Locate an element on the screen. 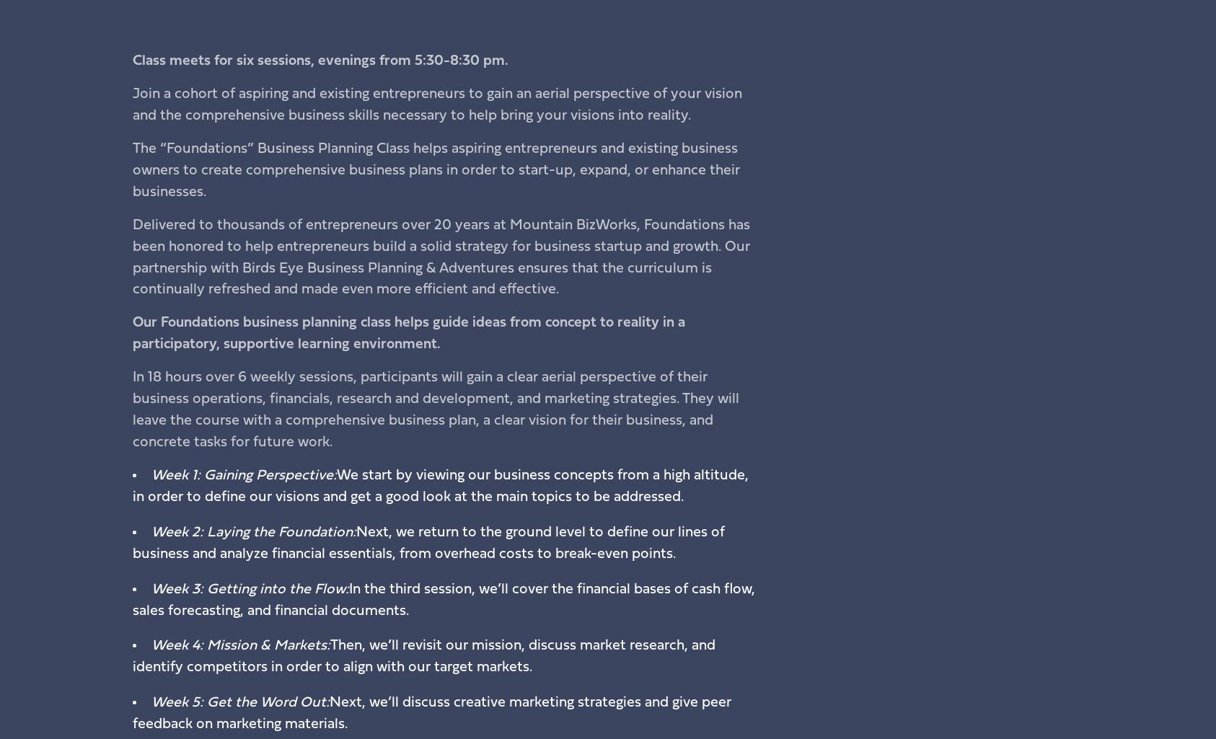 Image resolution: width=1216 pixels, height=739 pixels. 'Then, we’ll revisit our mission, discuss market research, and identify competitors in order to align with our target markets.' is located at coordinates (423, 656).